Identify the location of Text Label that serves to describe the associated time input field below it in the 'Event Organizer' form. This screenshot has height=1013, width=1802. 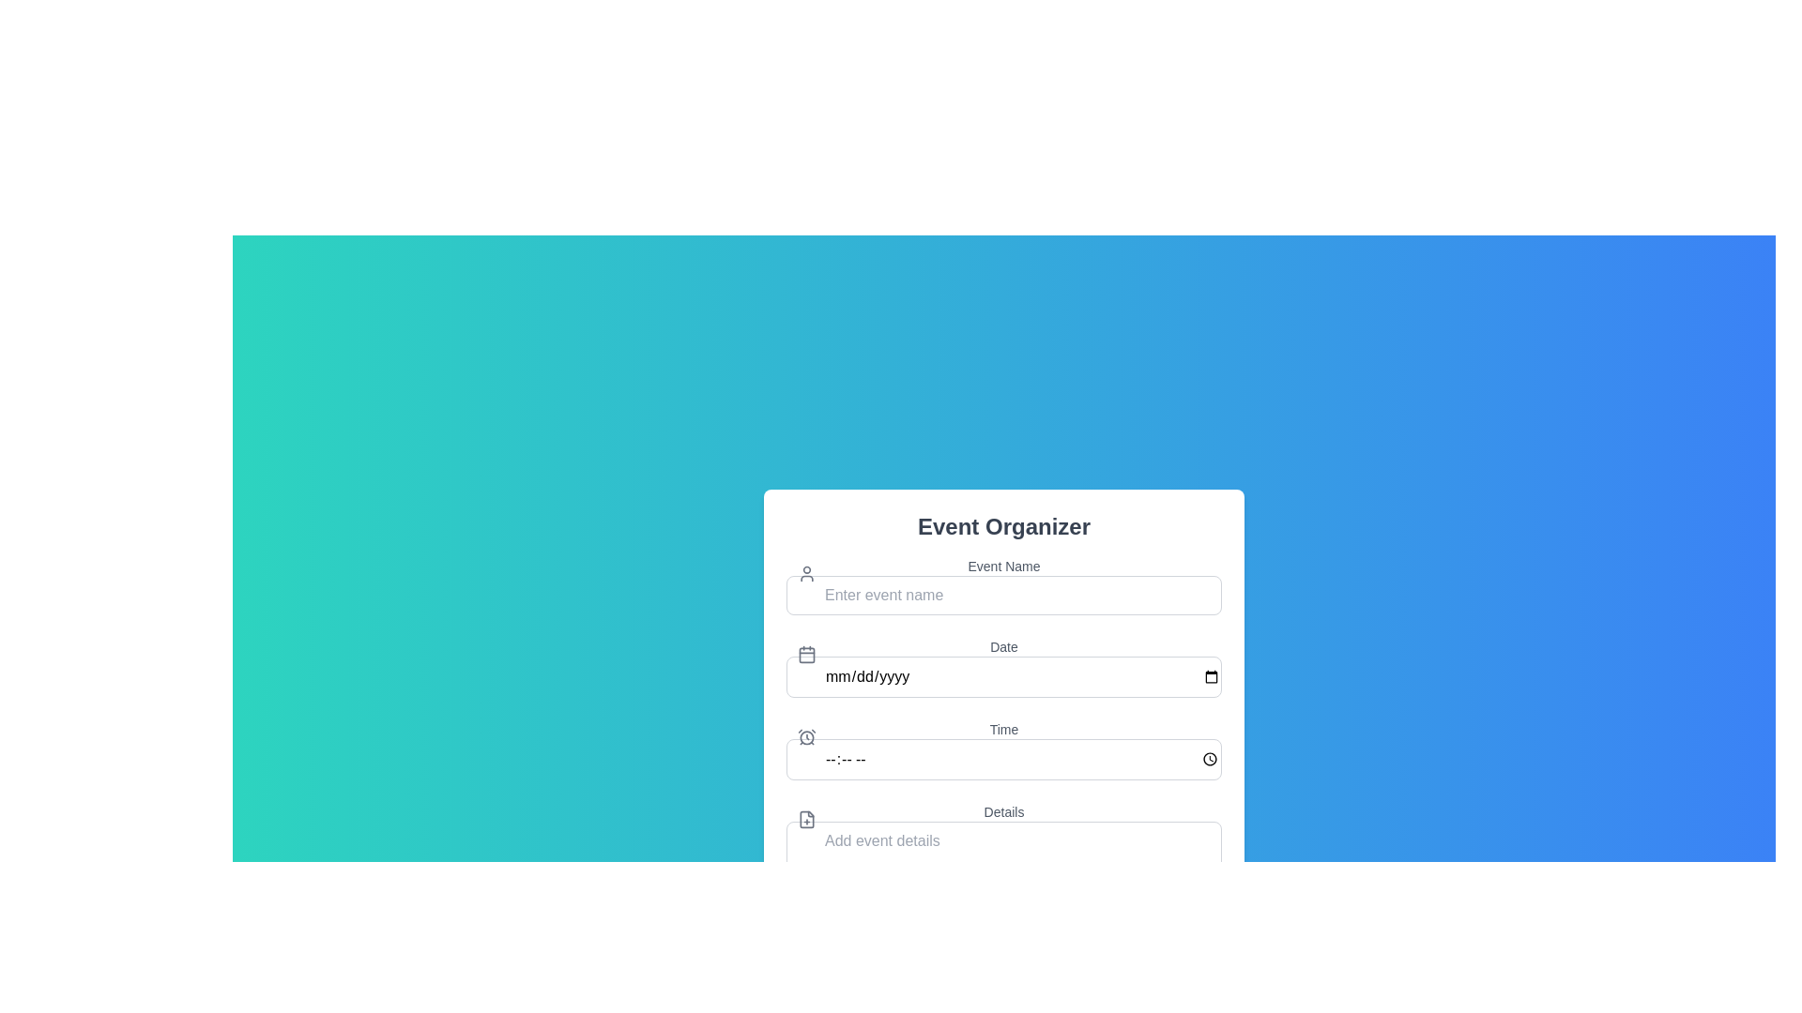
(1003, 728).